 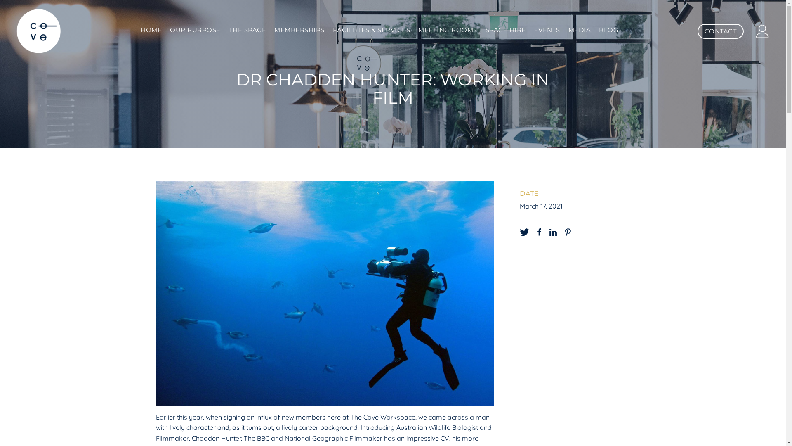 I want to click on 'MEDIA', so click(x=579, y=30).